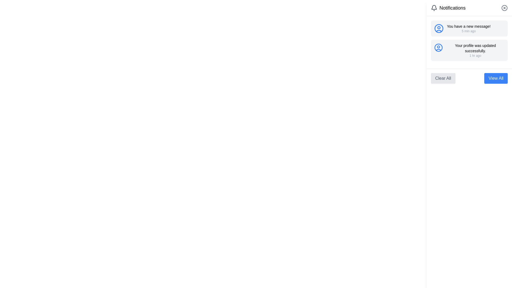 The width and height of the screenshot is (512, 288). I want to click on the gray circular icon with an 'X' shape in the center, located on the top-right of the notification panel, so click(504, 8).